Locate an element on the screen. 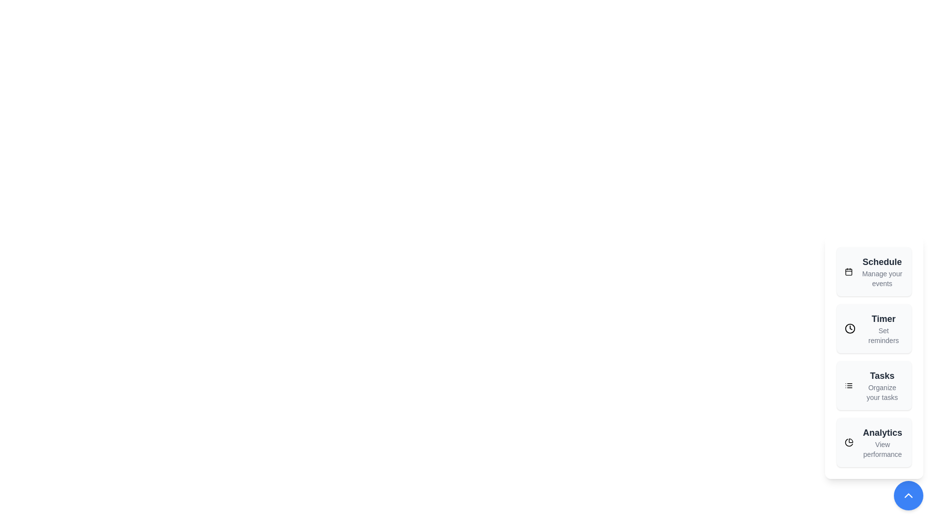  the toggle button to close the speed dial menu is located at coordinates (908, 496).